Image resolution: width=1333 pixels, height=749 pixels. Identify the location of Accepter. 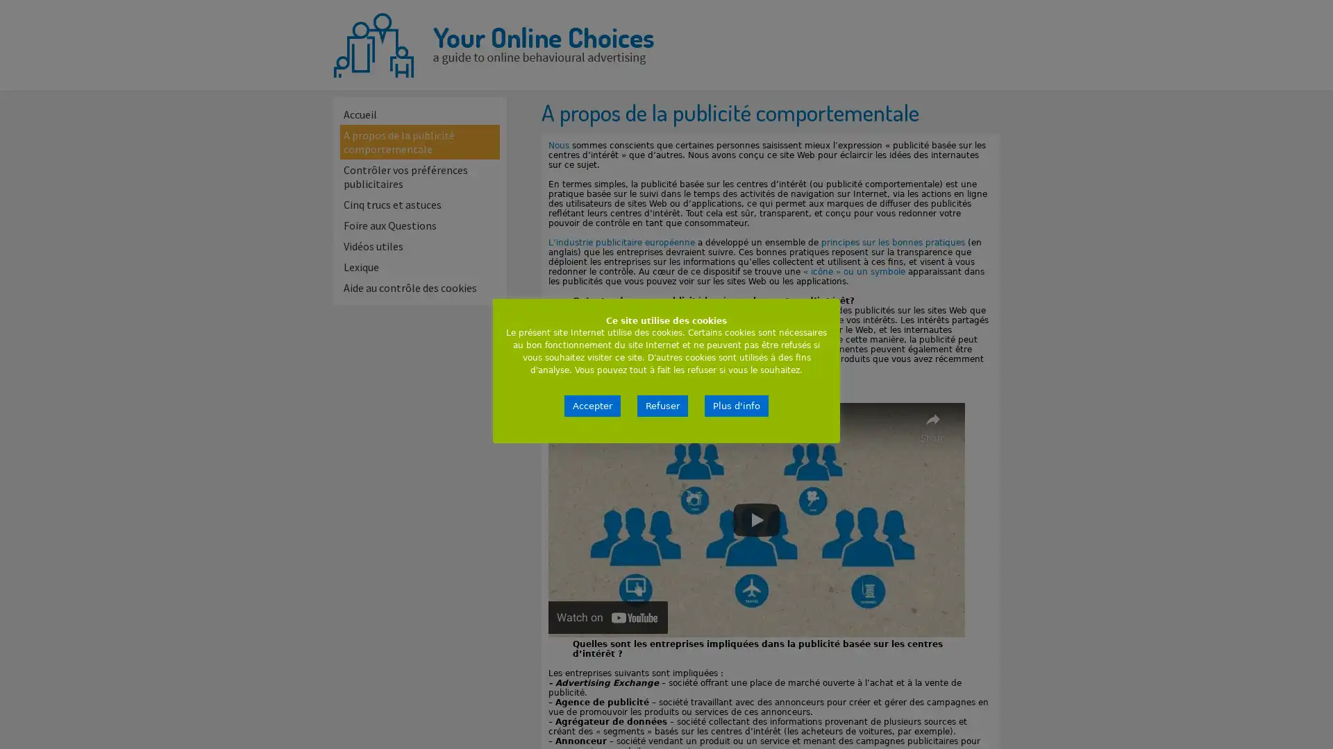
(592, 406).